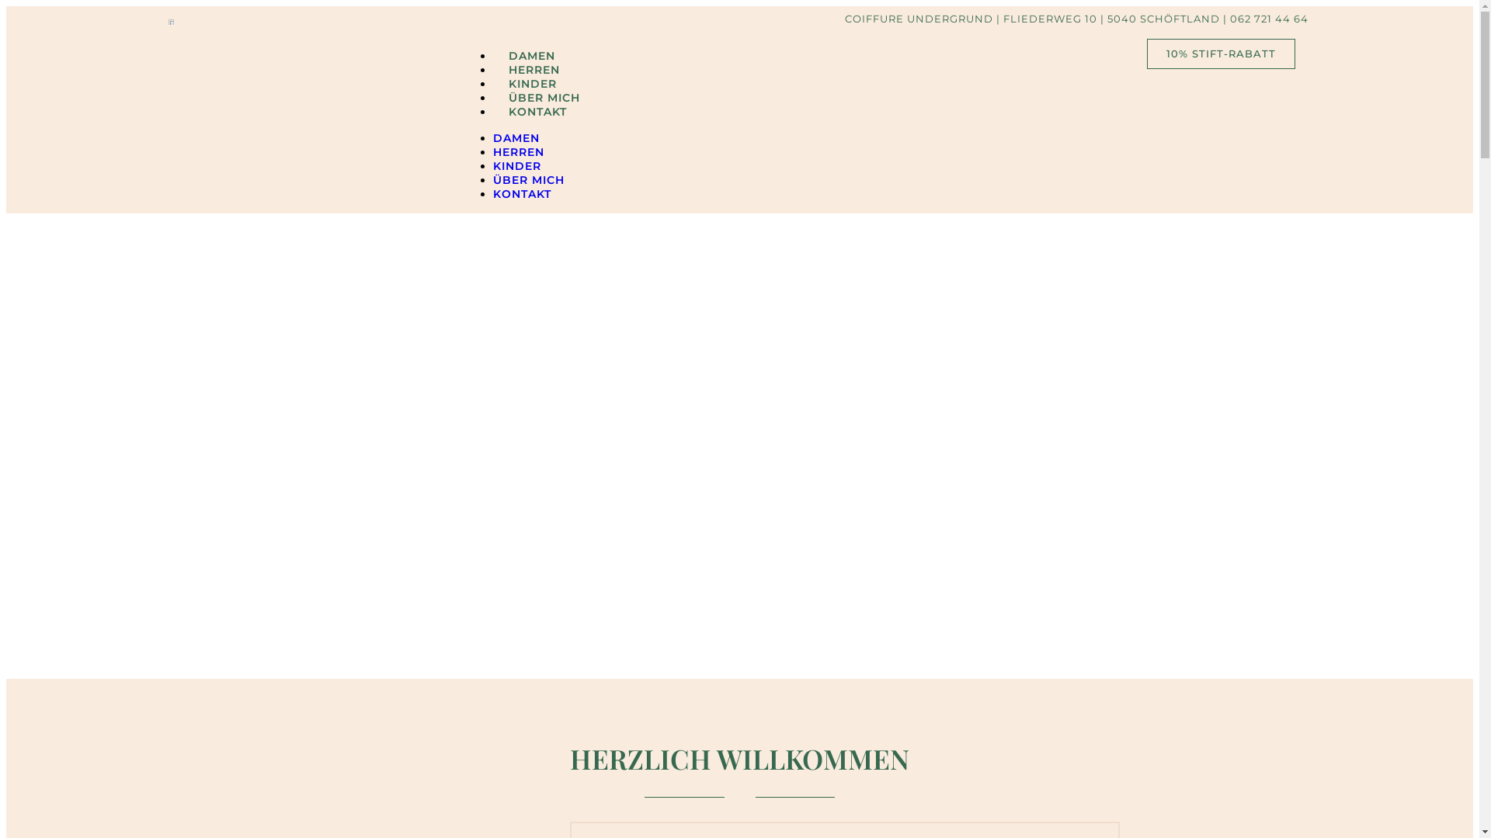 This screenshot has height=838, width=1491. I want to click on '10% STIFT-RABATT', so click(1220, 53).